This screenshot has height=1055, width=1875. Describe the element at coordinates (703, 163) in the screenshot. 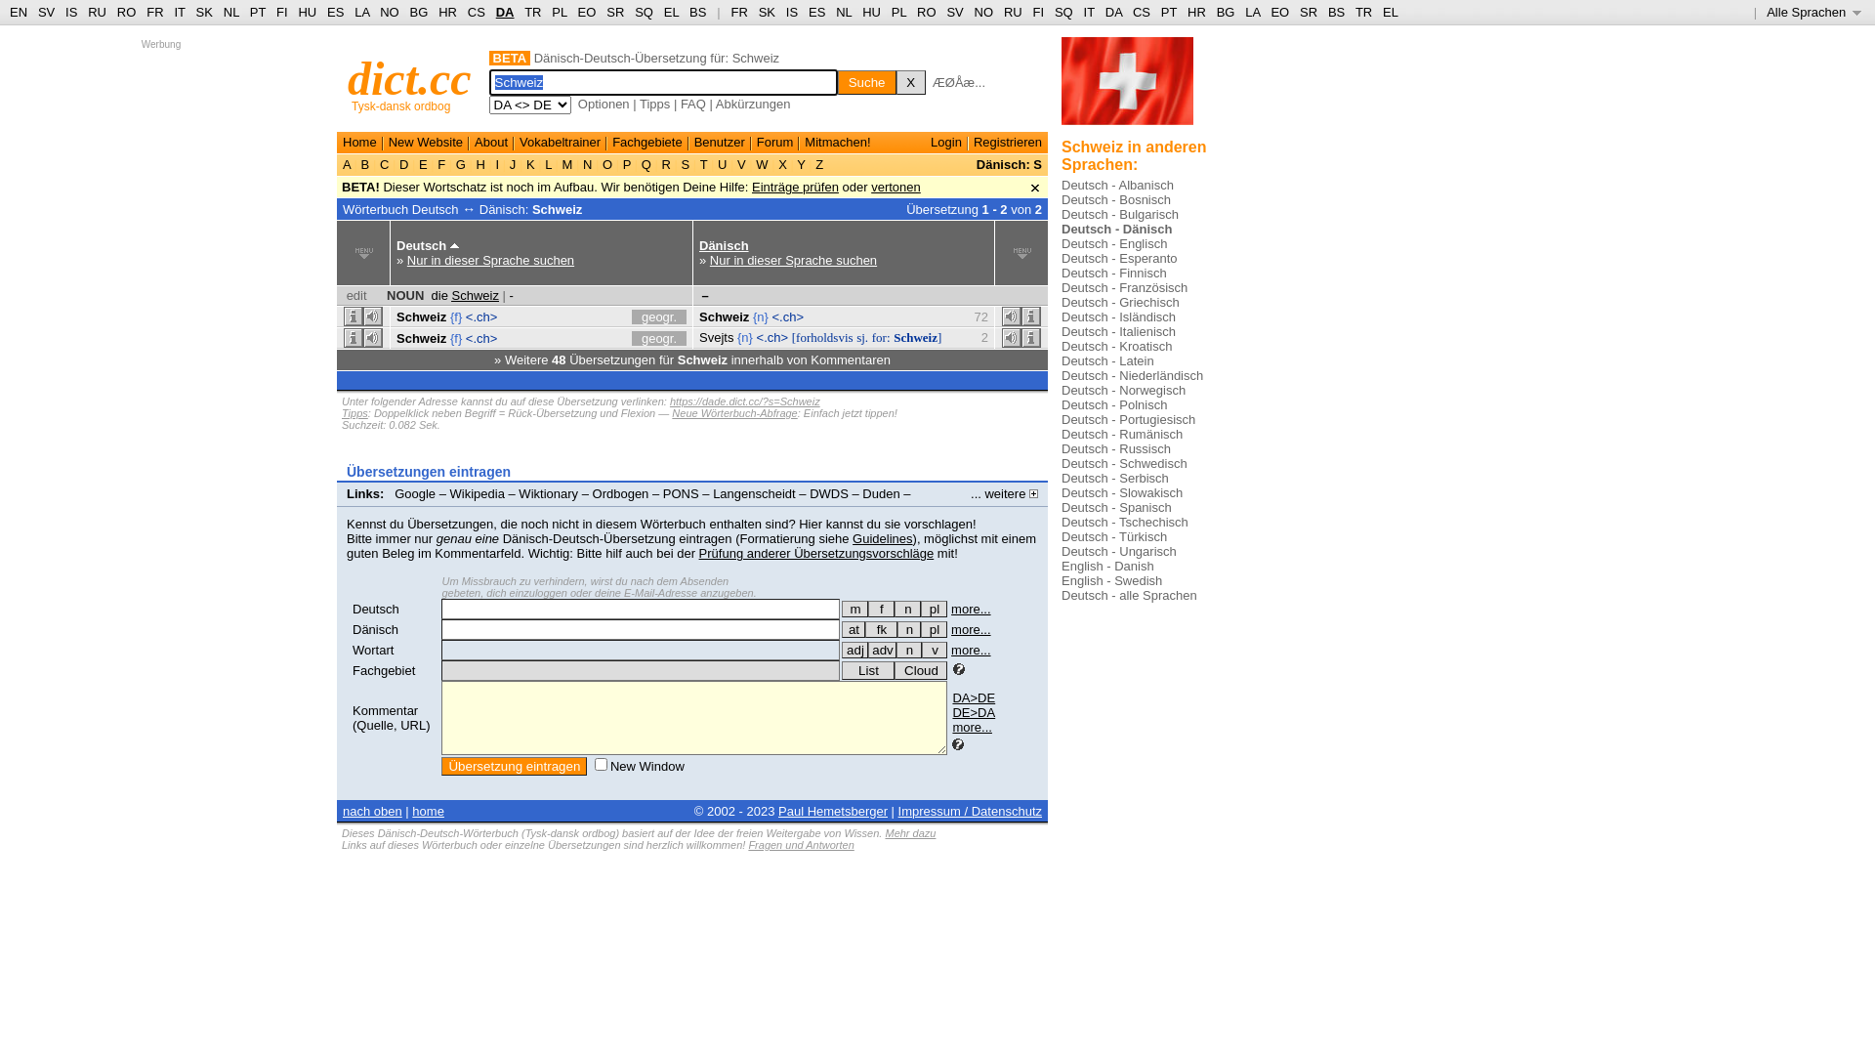

I see `'T'` at that location.